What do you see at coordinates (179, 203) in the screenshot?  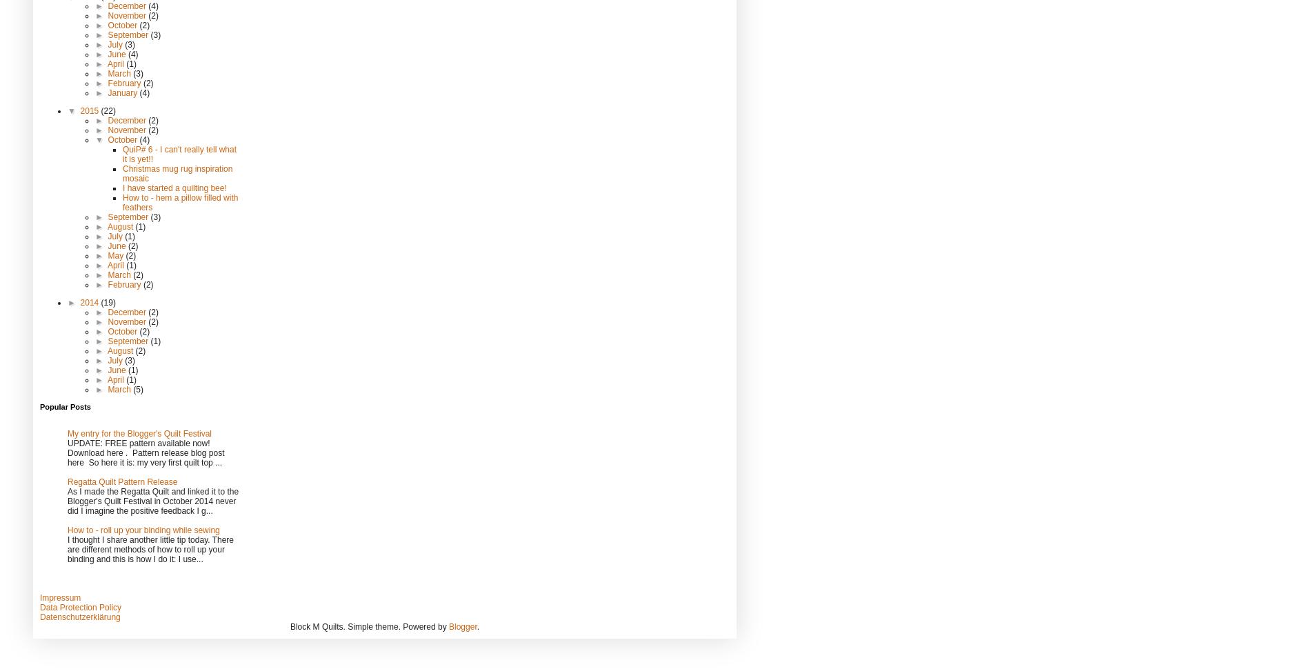 I see `'How to - hem a pillow filled with feathers'` at bounding box center [179, 203].